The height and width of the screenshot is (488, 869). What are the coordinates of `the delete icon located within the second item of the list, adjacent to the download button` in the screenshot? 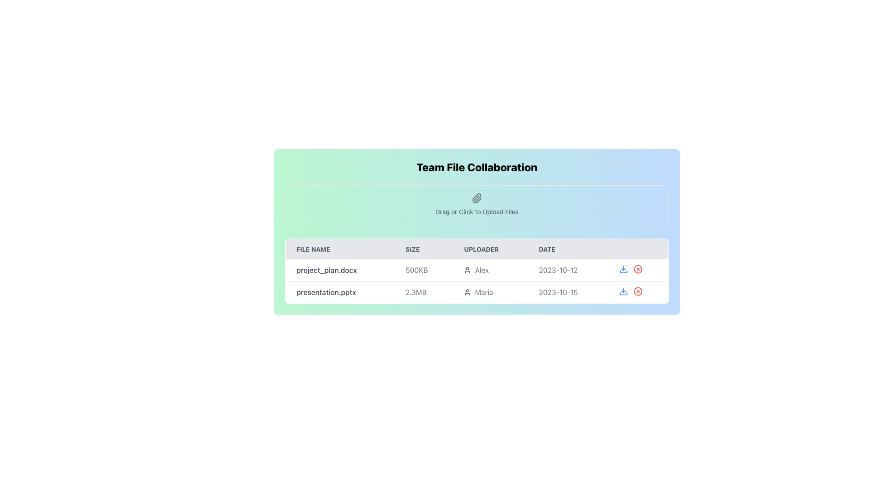 It's located at (638, 291).